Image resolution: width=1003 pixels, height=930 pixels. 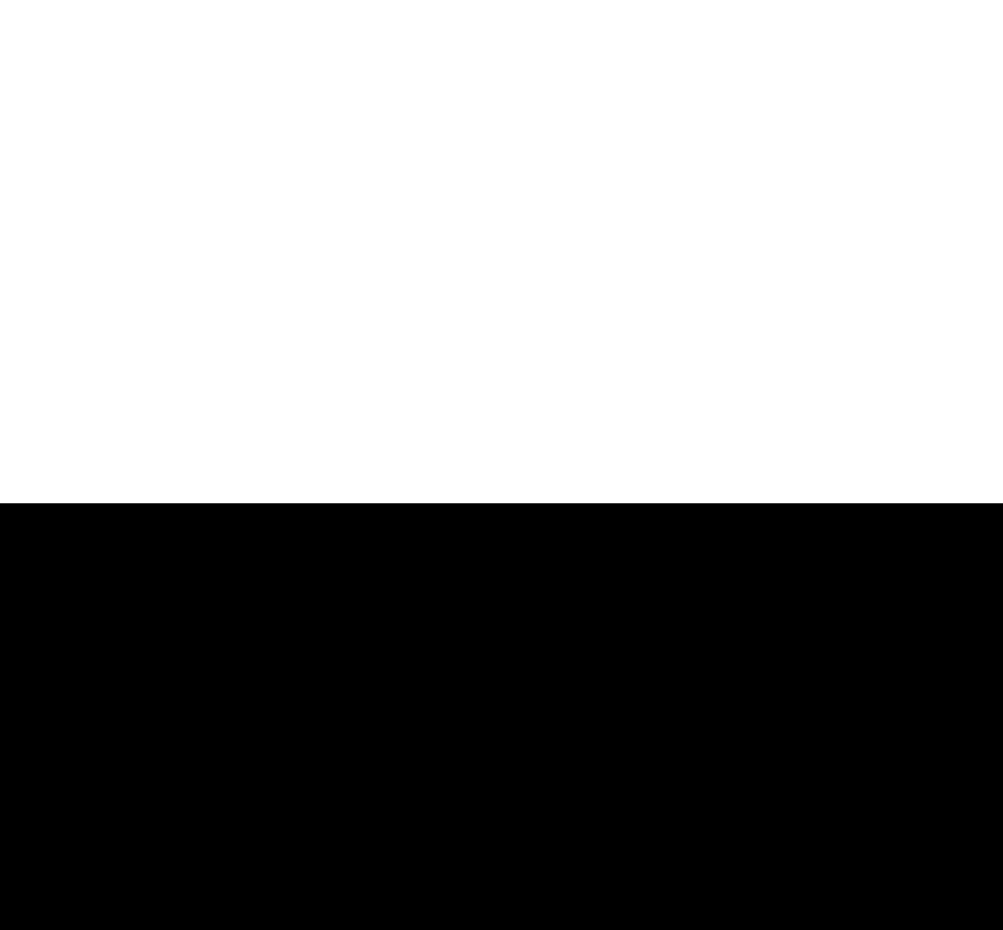 I want to click on 'Disney+ adds a stronger warning ahead of films with racist stereotypes', so click(x=246, y=132).